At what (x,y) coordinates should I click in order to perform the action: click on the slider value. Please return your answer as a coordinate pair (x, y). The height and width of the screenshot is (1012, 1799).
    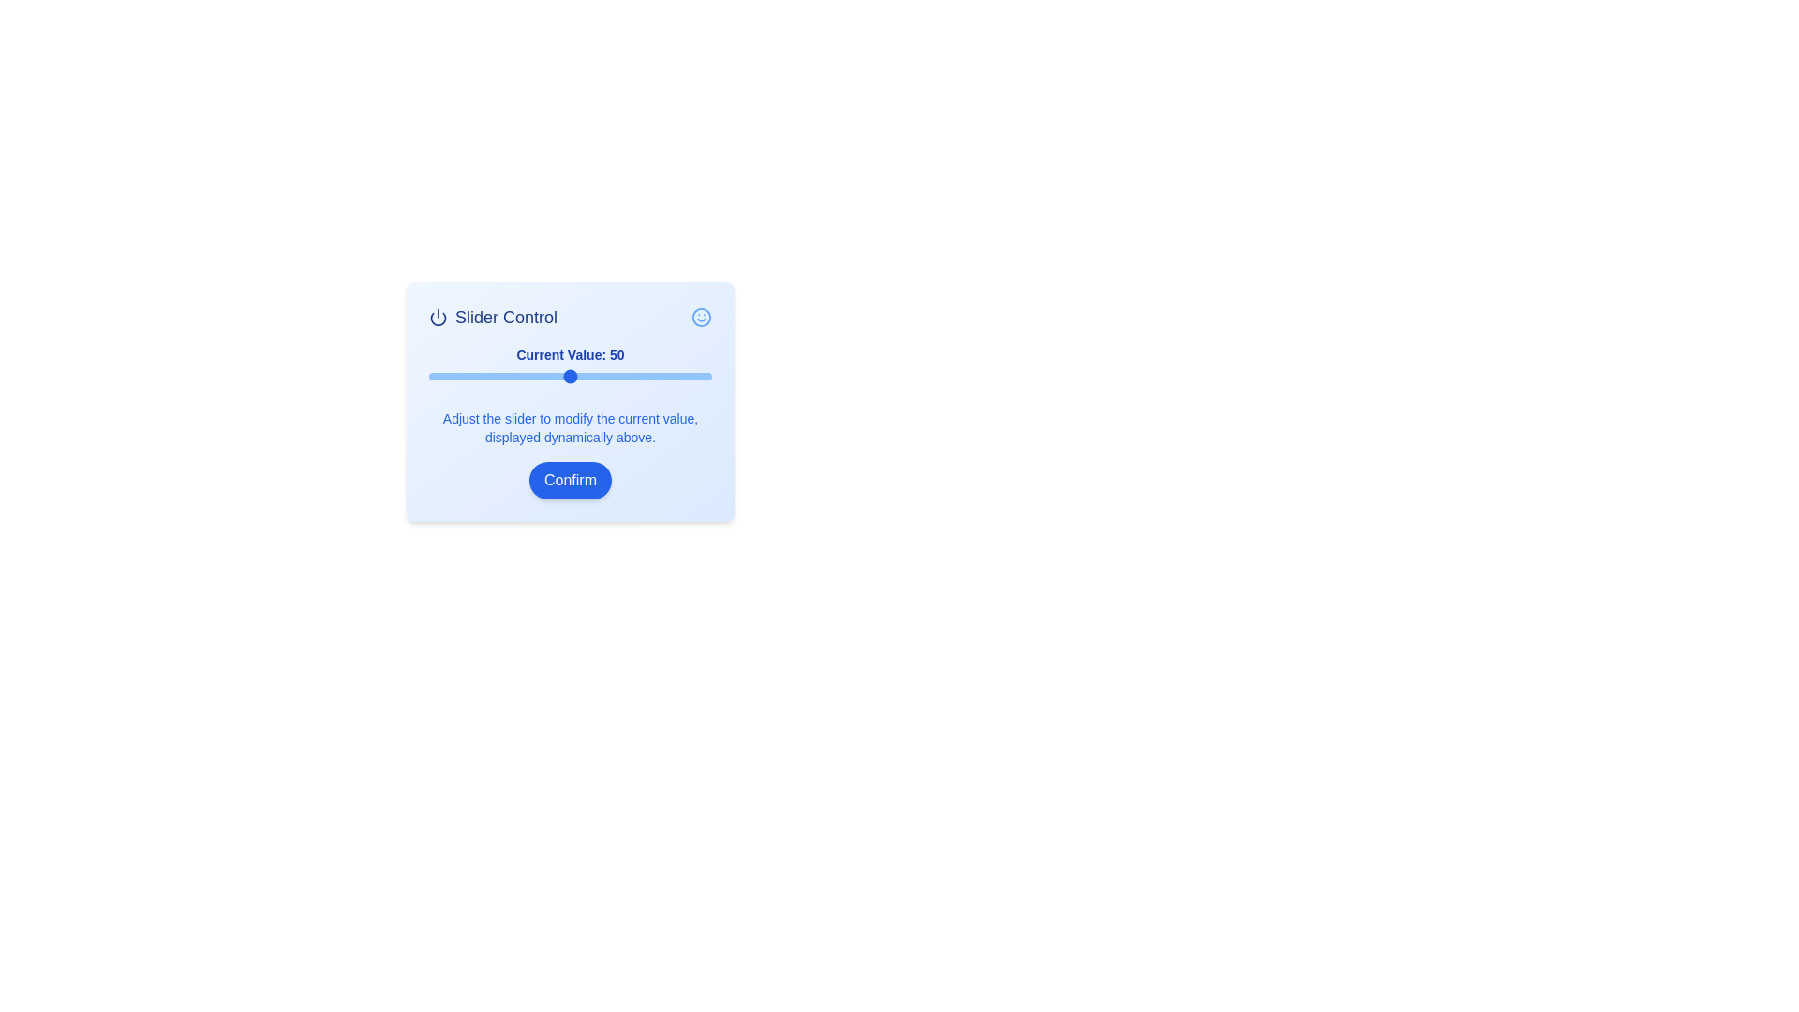
    Looking at the image, I should click on (522, 376).